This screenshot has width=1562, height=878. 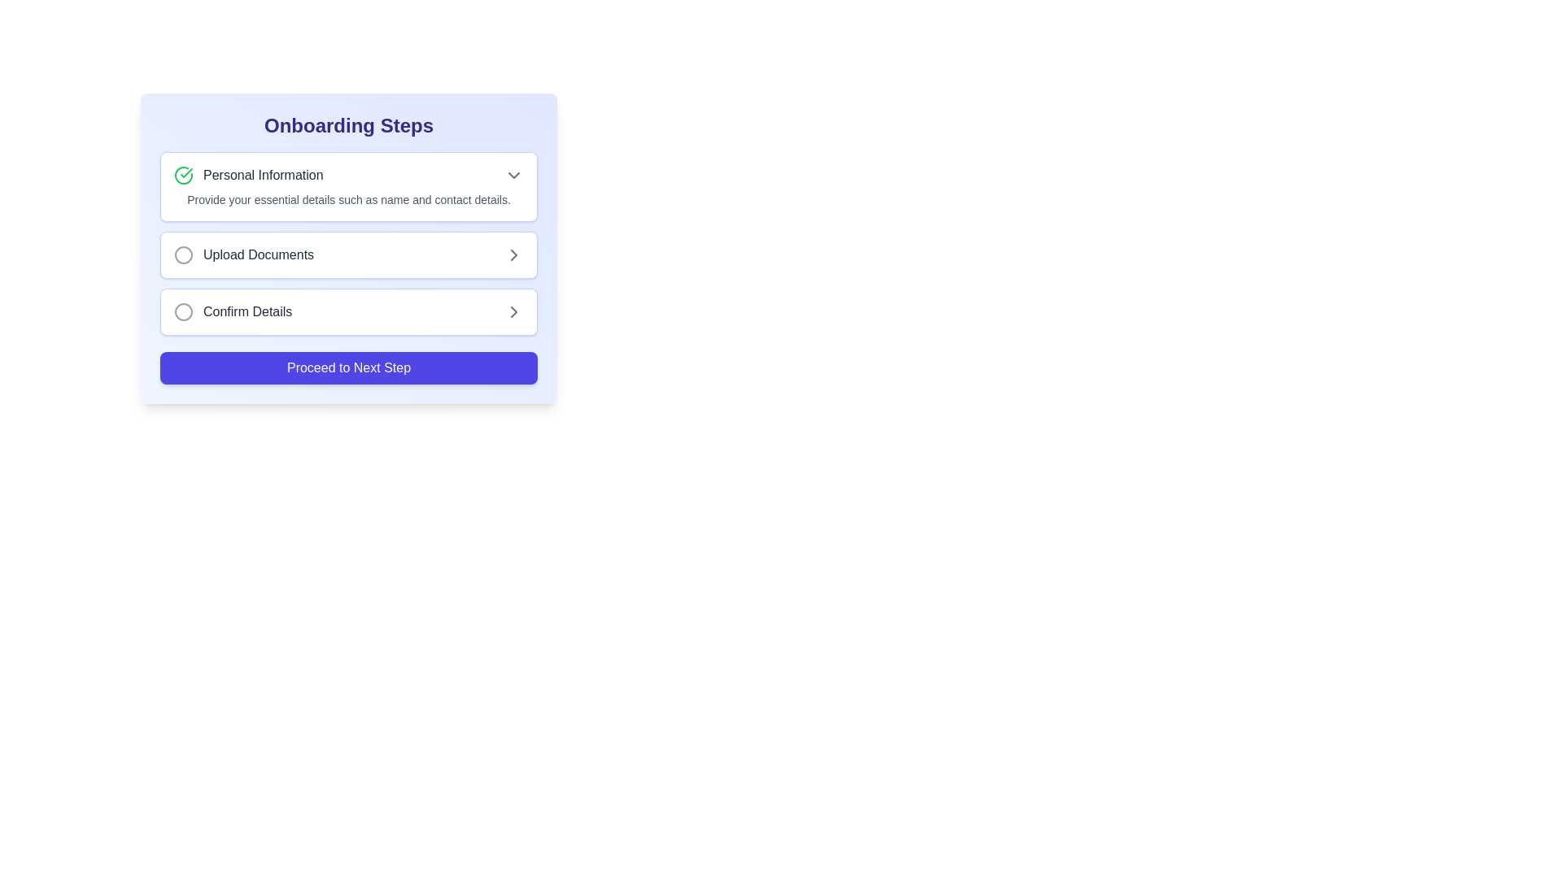 I want to click on the rightward chevron arrow icon located at the far right of the 'Confirm Details' list item, so click(x=513, y=312).